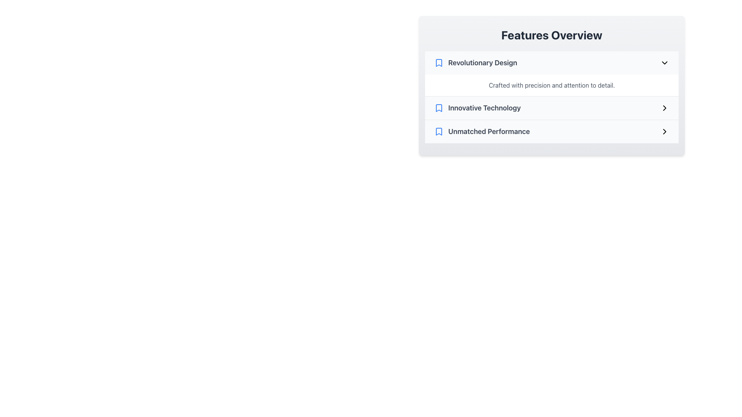 This screenshot has height=417, width=742. What do you see at coordinates (439, 62) in the screenshot?
I see `the blue bookmark icon adjacent to the text 'Revolutionary Design' in the 'Features Overview' card layout` at bounding box center [439, 62].